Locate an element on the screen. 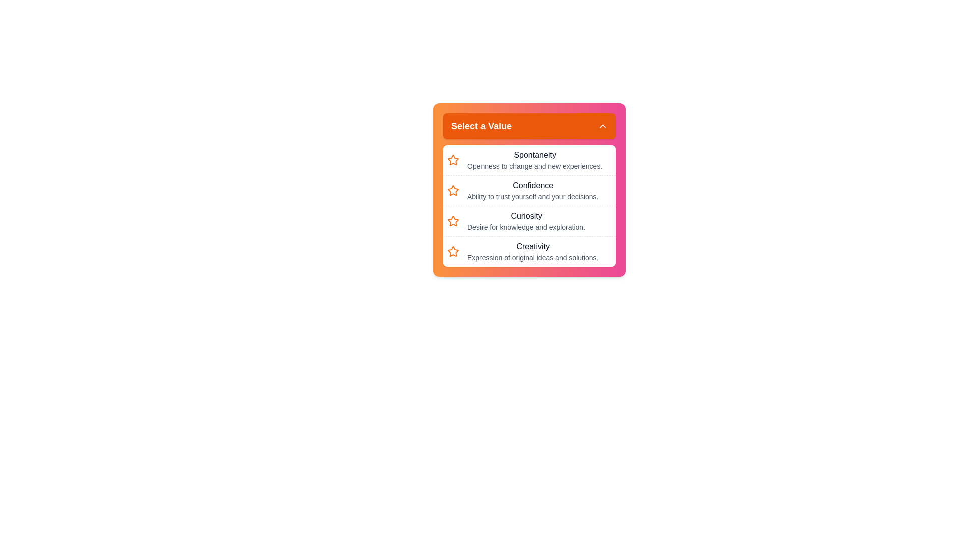 The width and height of the screenshot is (961, 540). the fourth list item titled 'Creativity' is located at coordinates (529, 250).